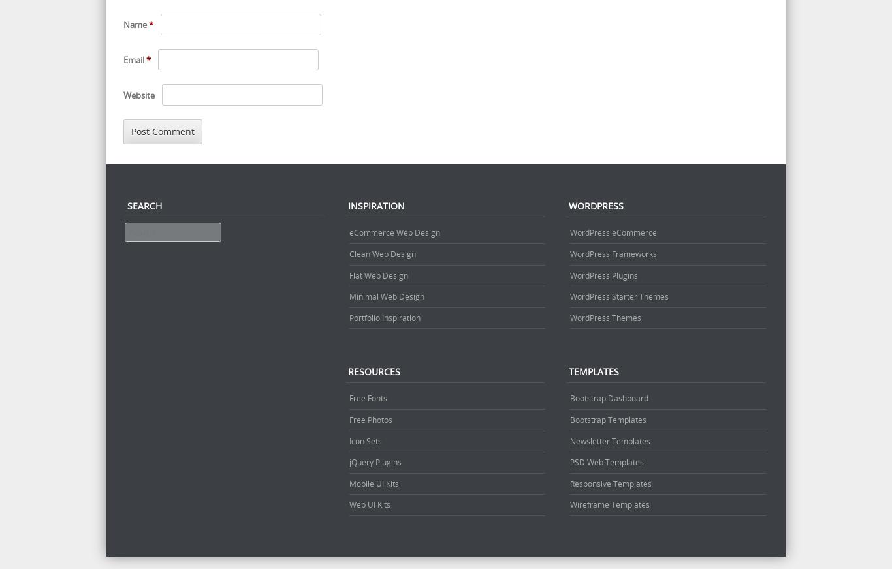 The height and width of the screenshot is (569, 892). What do you see at coordinates (593, 371) in the screenshot?
I see `'Templates'` at bounding box center [593, 371].